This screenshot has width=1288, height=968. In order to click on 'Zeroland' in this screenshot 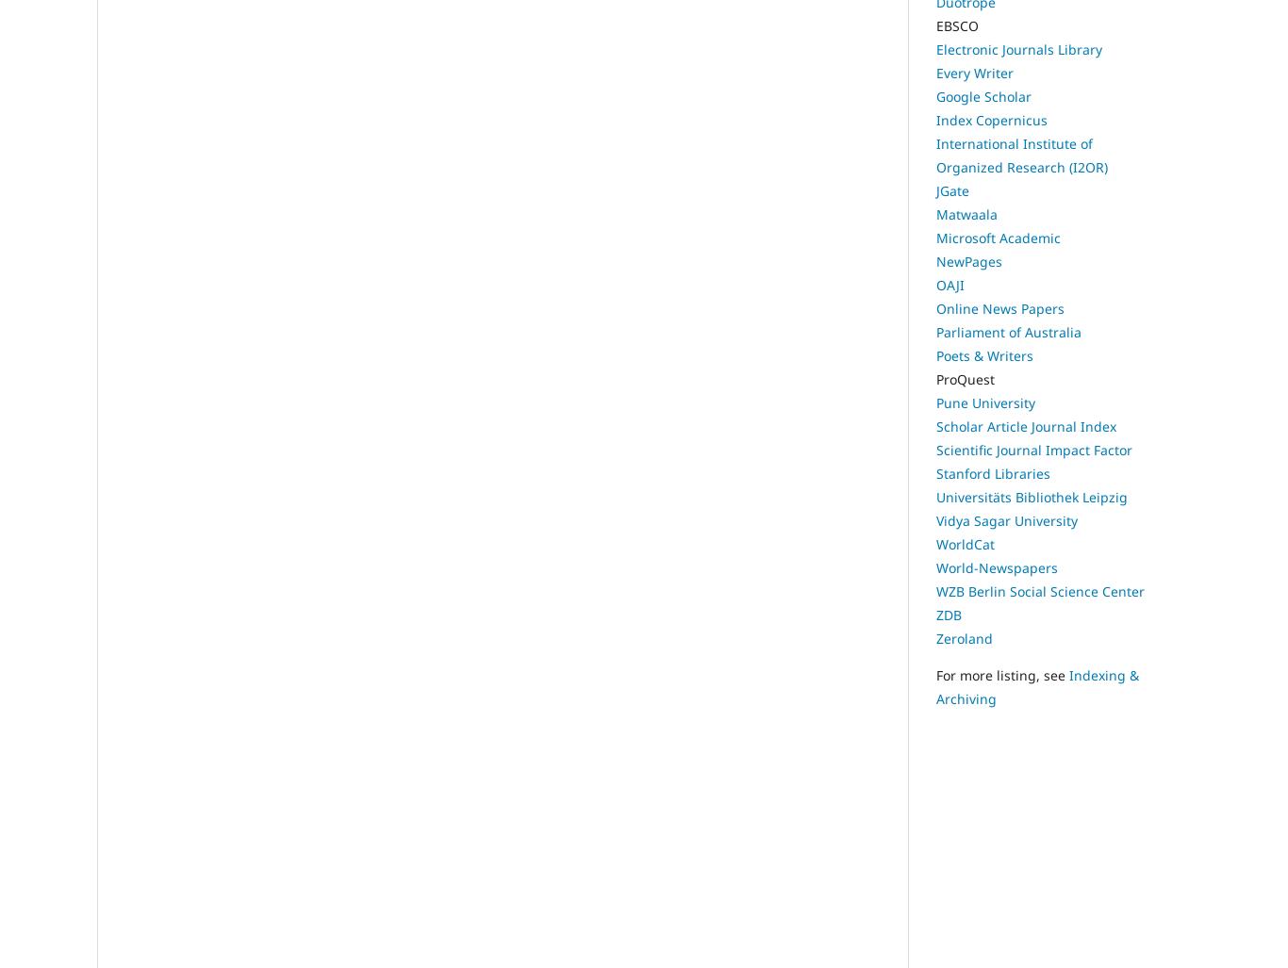, I will do `click(964, 637)`.